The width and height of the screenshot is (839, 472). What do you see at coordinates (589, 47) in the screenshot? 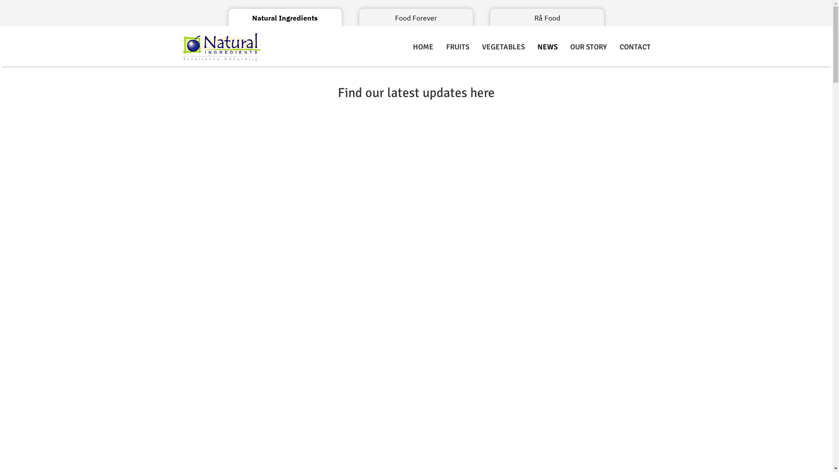
I see `'OUR STORY'` at bounding box center [589, 47].